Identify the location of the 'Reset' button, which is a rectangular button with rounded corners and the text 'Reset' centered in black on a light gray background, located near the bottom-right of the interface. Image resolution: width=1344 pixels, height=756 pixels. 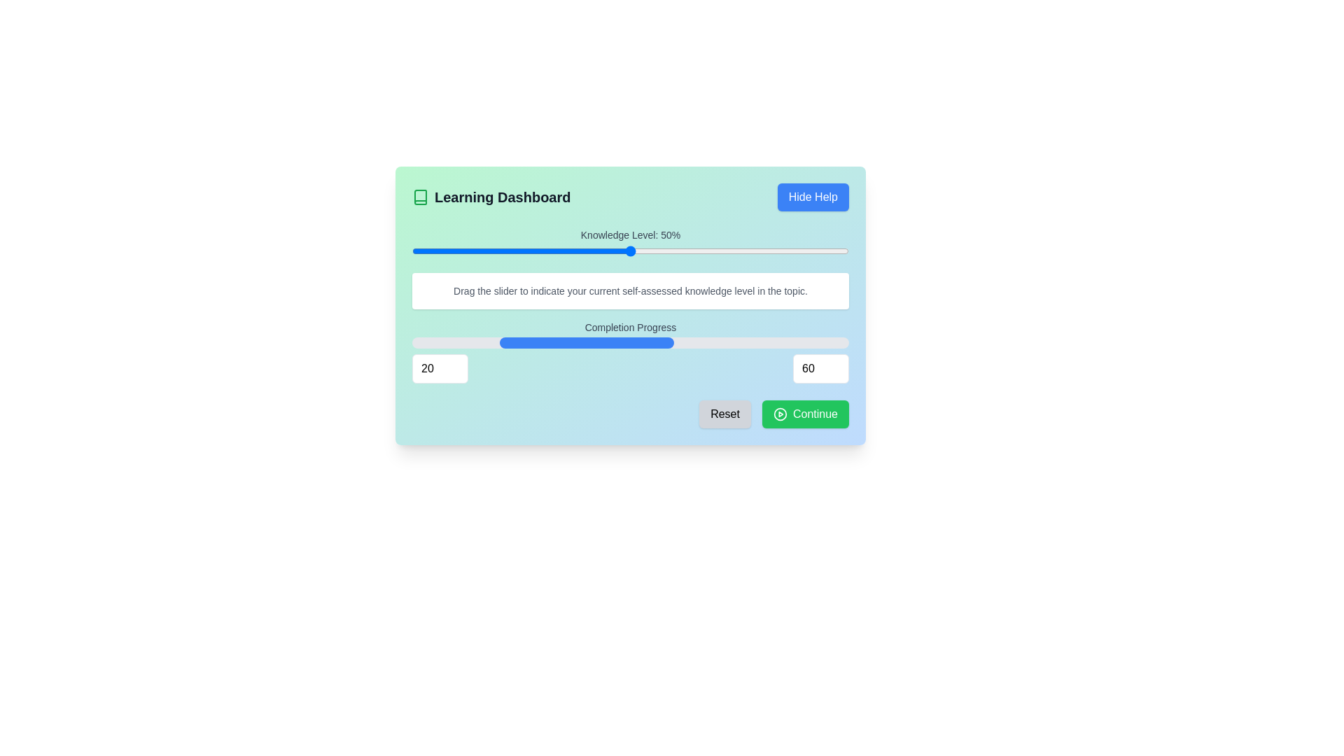
(725, 413).